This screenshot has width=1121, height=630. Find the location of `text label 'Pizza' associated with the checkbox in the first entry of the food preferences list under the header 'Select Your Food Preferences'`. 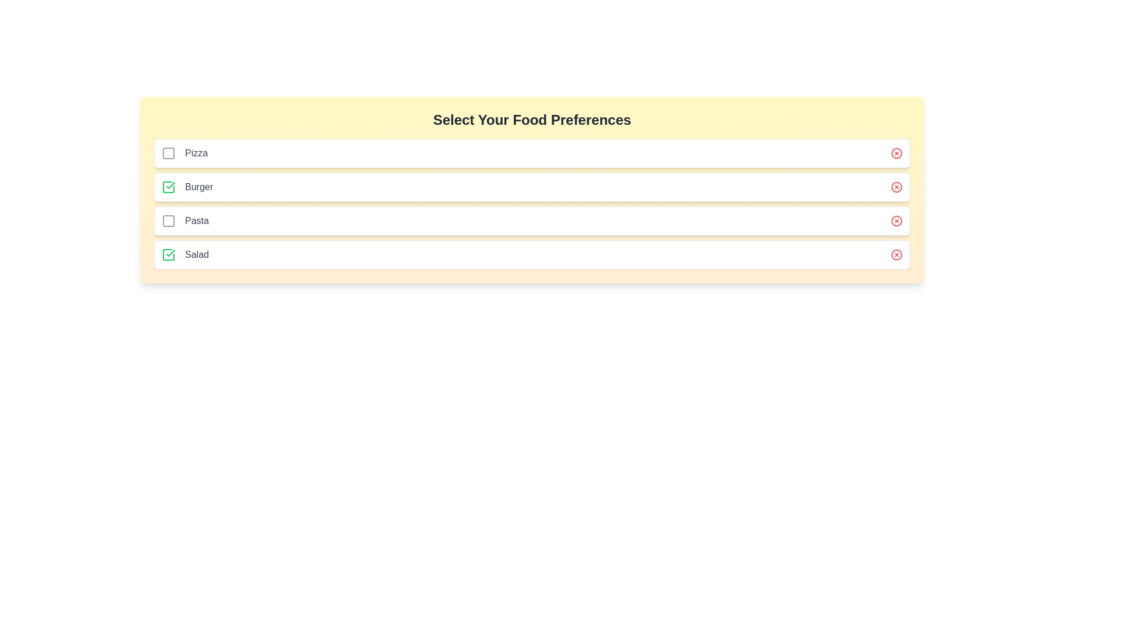

text label 'Pizza' associated with the checkbox in the first entry of the food preferences list under the header 'Select Your Food Preferences' is located at coordinates (184, 152).